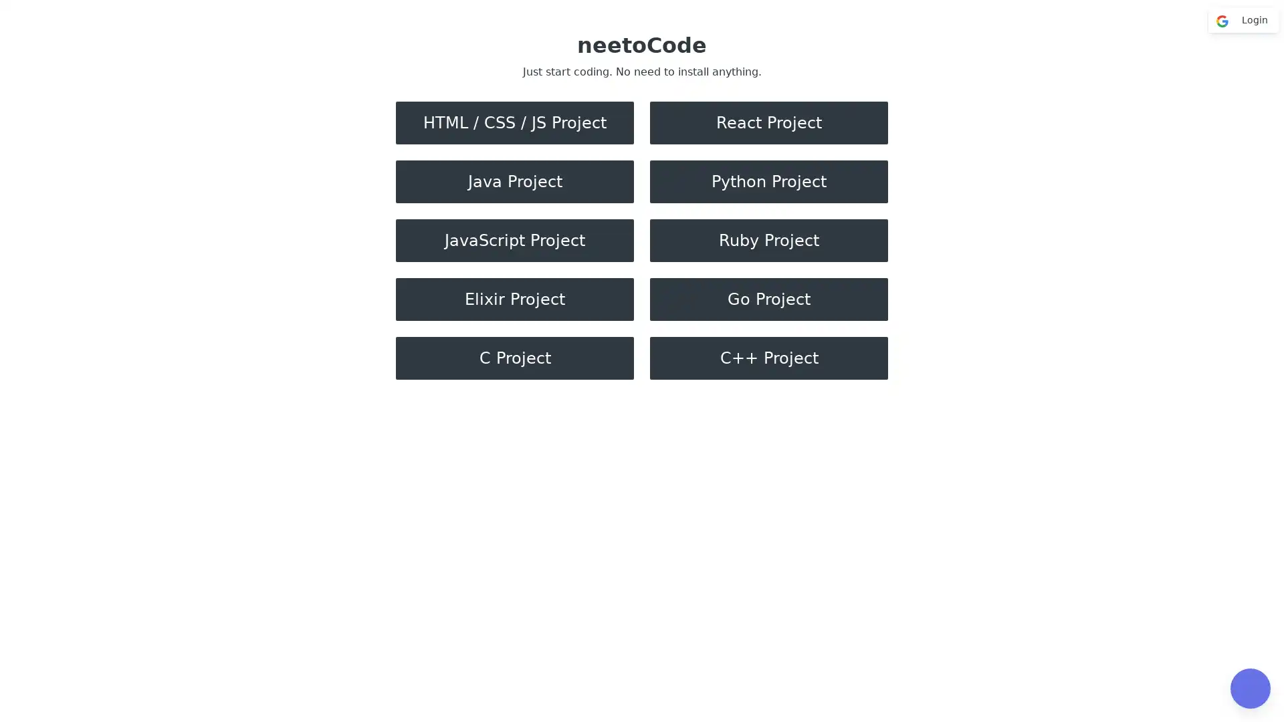  What do you see at coordinates (514, 358) in the screenshot?
I see `C Project` at bounding box center [514, 358].